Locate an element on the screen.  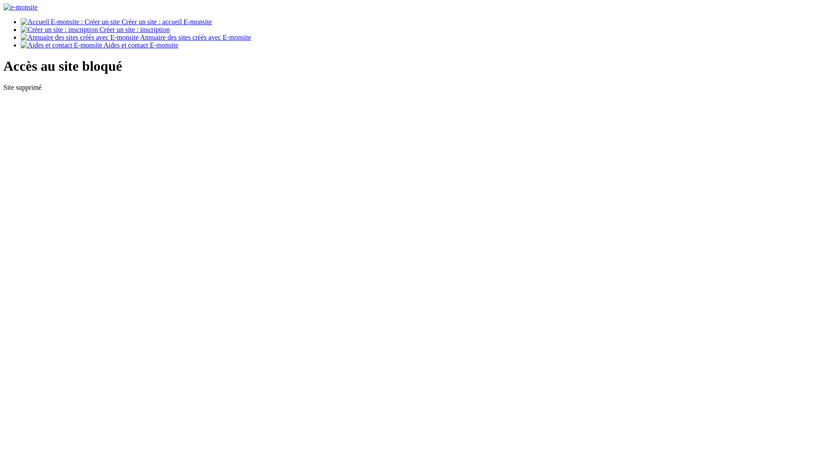
'Aides et contact E-monsite' is located at coordinates (99, 45).